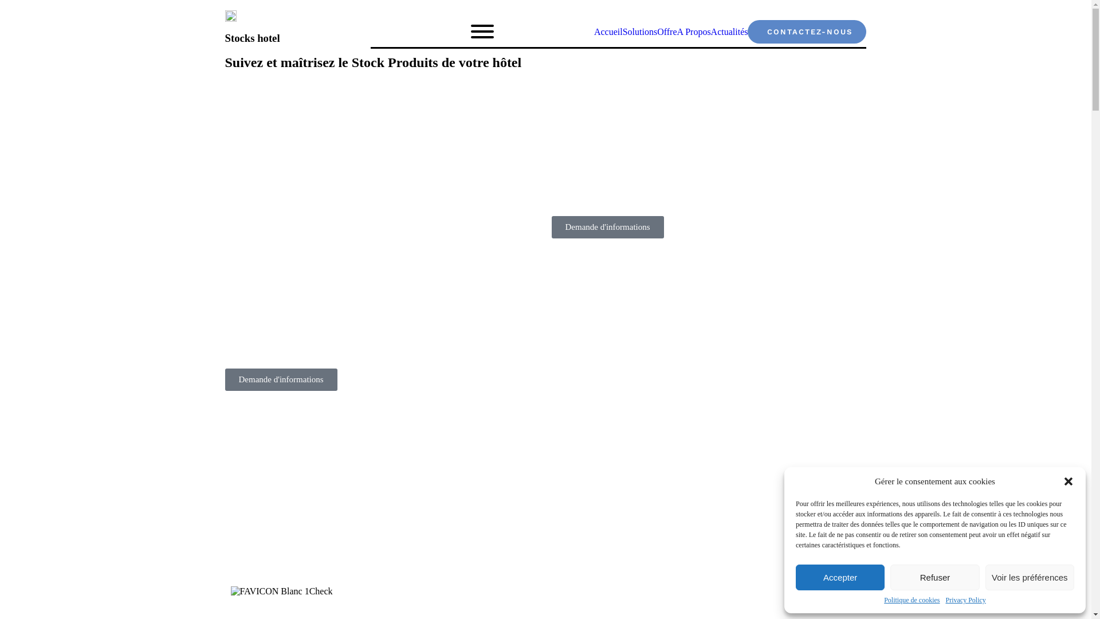 The image size is (1100, 619). What do you see at coordinates (676, 31) in the screenshot?
I see `'A Propos'` at bounding box center [676, 31].